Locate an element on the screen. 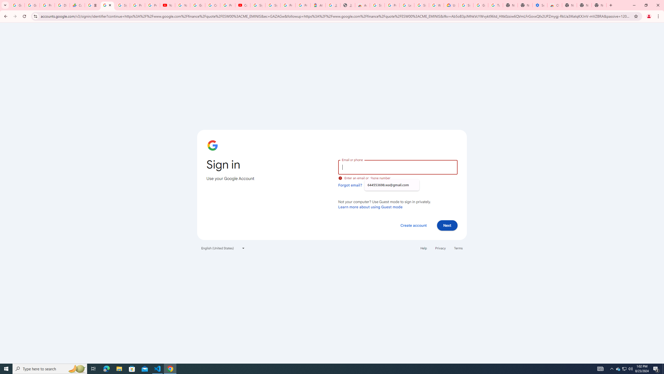 The height and width of the screenshot is (374, 664). 'Turn cookies on or off - Computer - Google Account Help' is located at coordinates (496, 5).